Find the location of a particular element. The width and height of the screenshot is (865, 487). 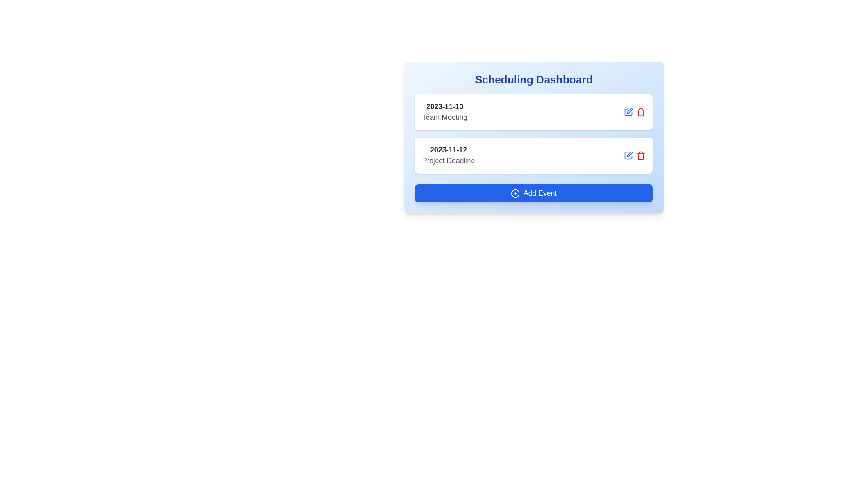

text displayed in the Text Label element showing the date '2023-11-10', which is styled in bold and dark gray color, located above the 'Team Meeting' text is located at coordinates (445, 106).